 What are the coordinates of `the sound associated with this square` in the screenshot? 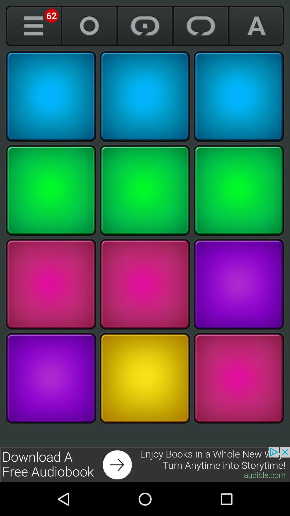 It's located at (145, 96).